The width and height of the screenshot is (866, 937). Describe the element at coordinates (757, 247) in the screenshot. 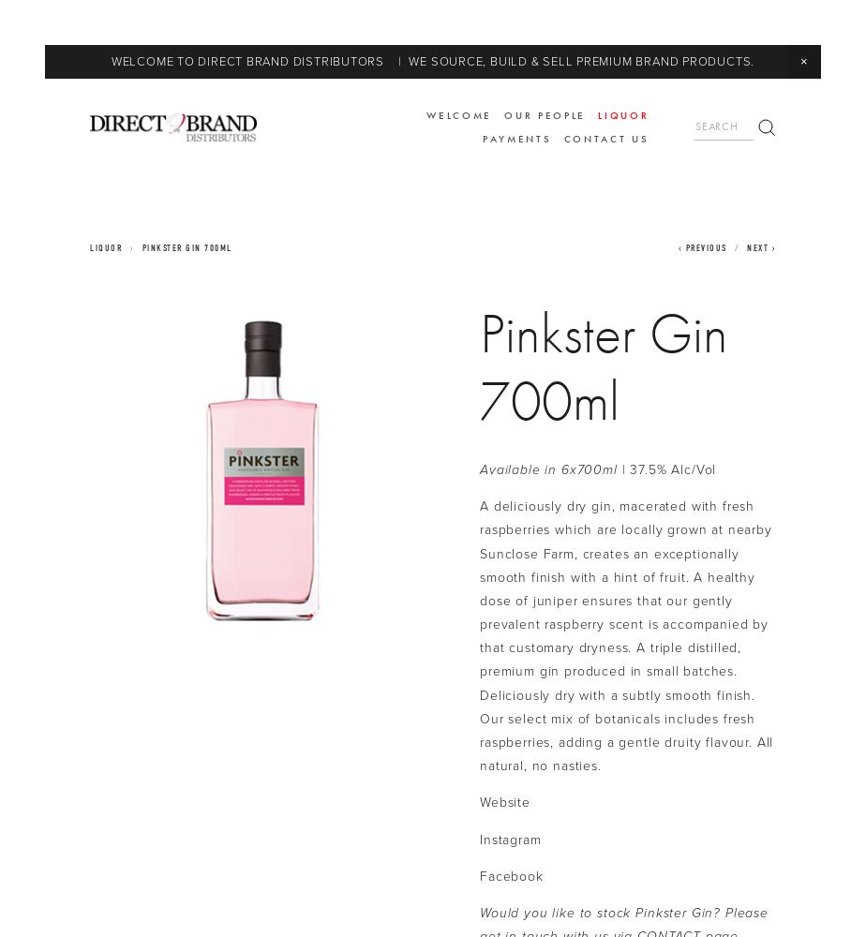

I see `'Next'` at that location.